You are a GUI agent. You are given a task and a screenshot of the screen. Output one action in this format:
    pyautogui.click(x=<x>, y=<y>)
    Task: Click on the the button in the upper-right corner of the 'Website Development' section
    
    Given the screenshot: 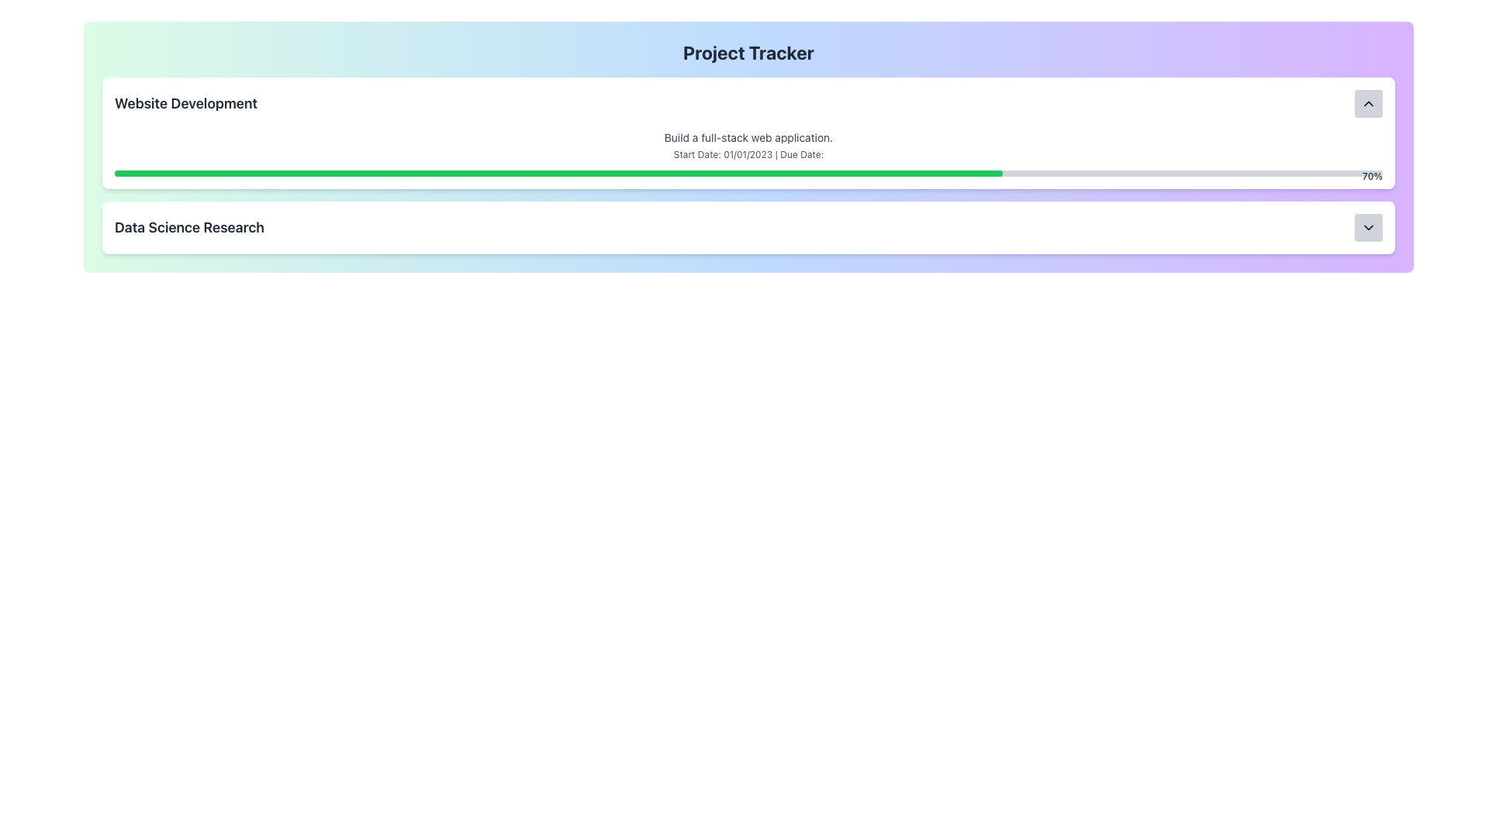 What is the action you would take?
    pyautogui.click(x=1369, y=104)
    